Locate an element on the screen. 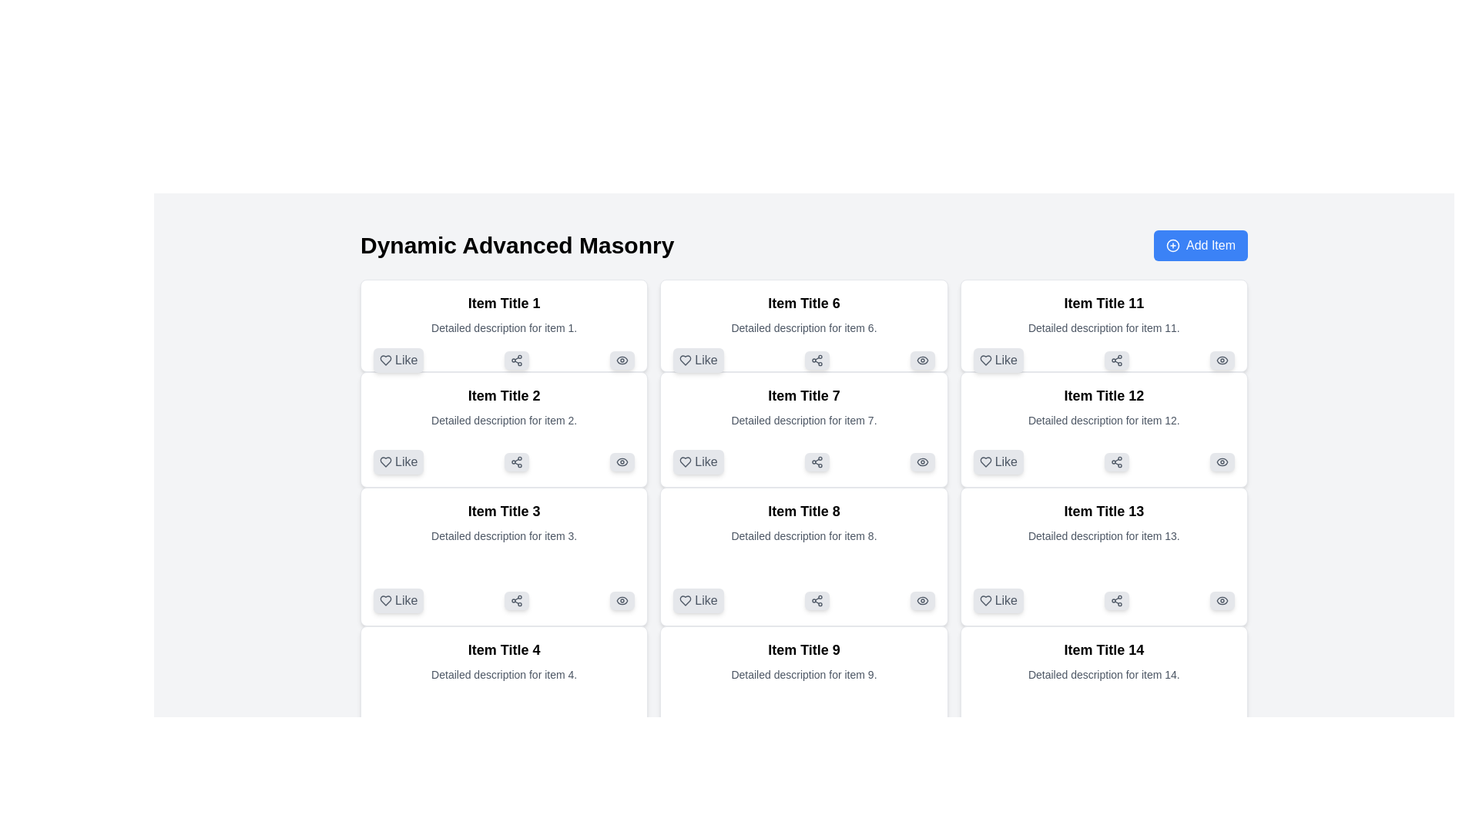 The height and width of the screenshot is (832, 1479). the title text located in the second column and second row of the grid layout is located at coordinates (803, 303).